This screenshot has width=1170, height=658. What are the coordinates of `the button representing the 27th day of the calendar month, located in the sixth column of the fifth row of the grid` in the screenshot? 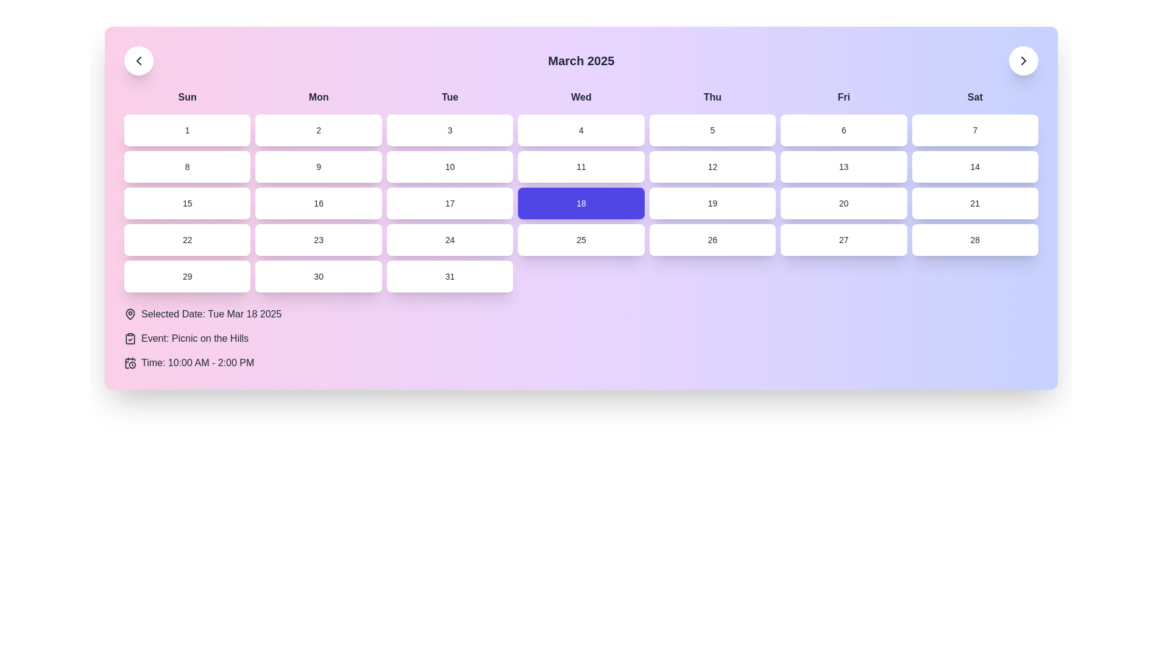 It's located at (843, 239).